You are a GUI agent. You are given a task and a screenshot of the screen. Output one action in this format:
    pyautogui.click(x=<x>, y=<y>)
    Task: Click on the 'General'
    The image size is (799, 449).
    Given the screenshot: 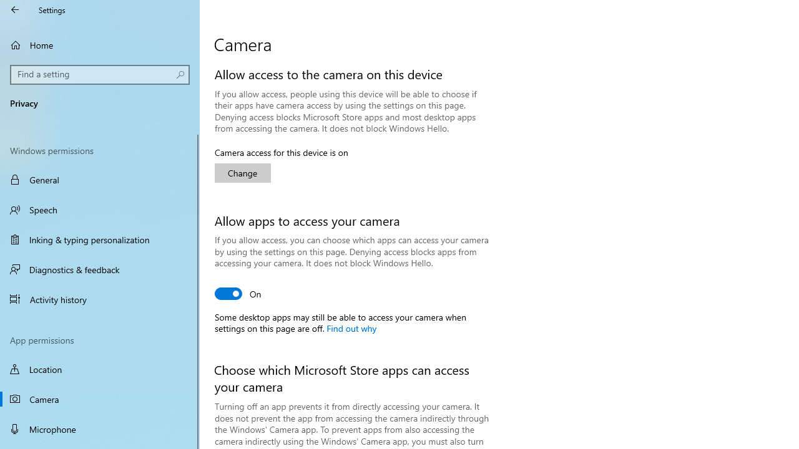 What is the action you would take?
    pyautogui.click(x=100, y=180)
    